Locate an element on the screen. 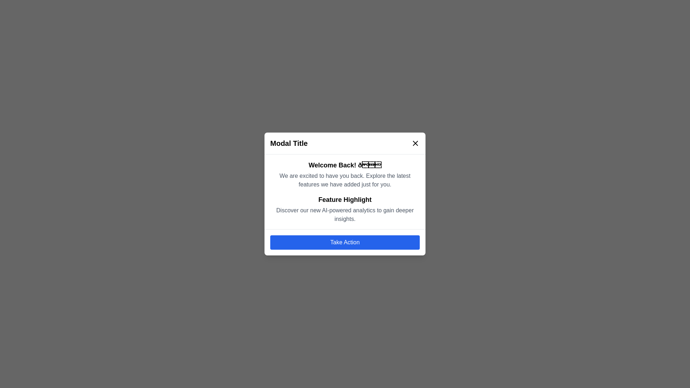 This screenshot has height=388, width=690. the text line reading 'Discover our new AI-powered analytics to gain deeper insights.' which is styled in a subdued gray color and positioned under the bold title 'Feature Highlight' is located at coordinates (345, 214).